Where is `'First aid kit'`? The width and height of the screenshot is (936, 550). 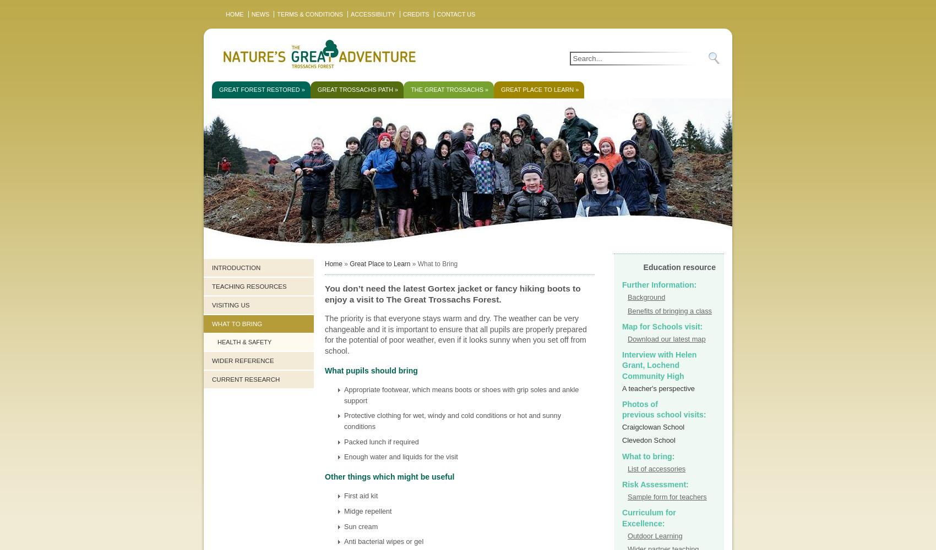
'First aid kit' is located at coordinates (361, 496).